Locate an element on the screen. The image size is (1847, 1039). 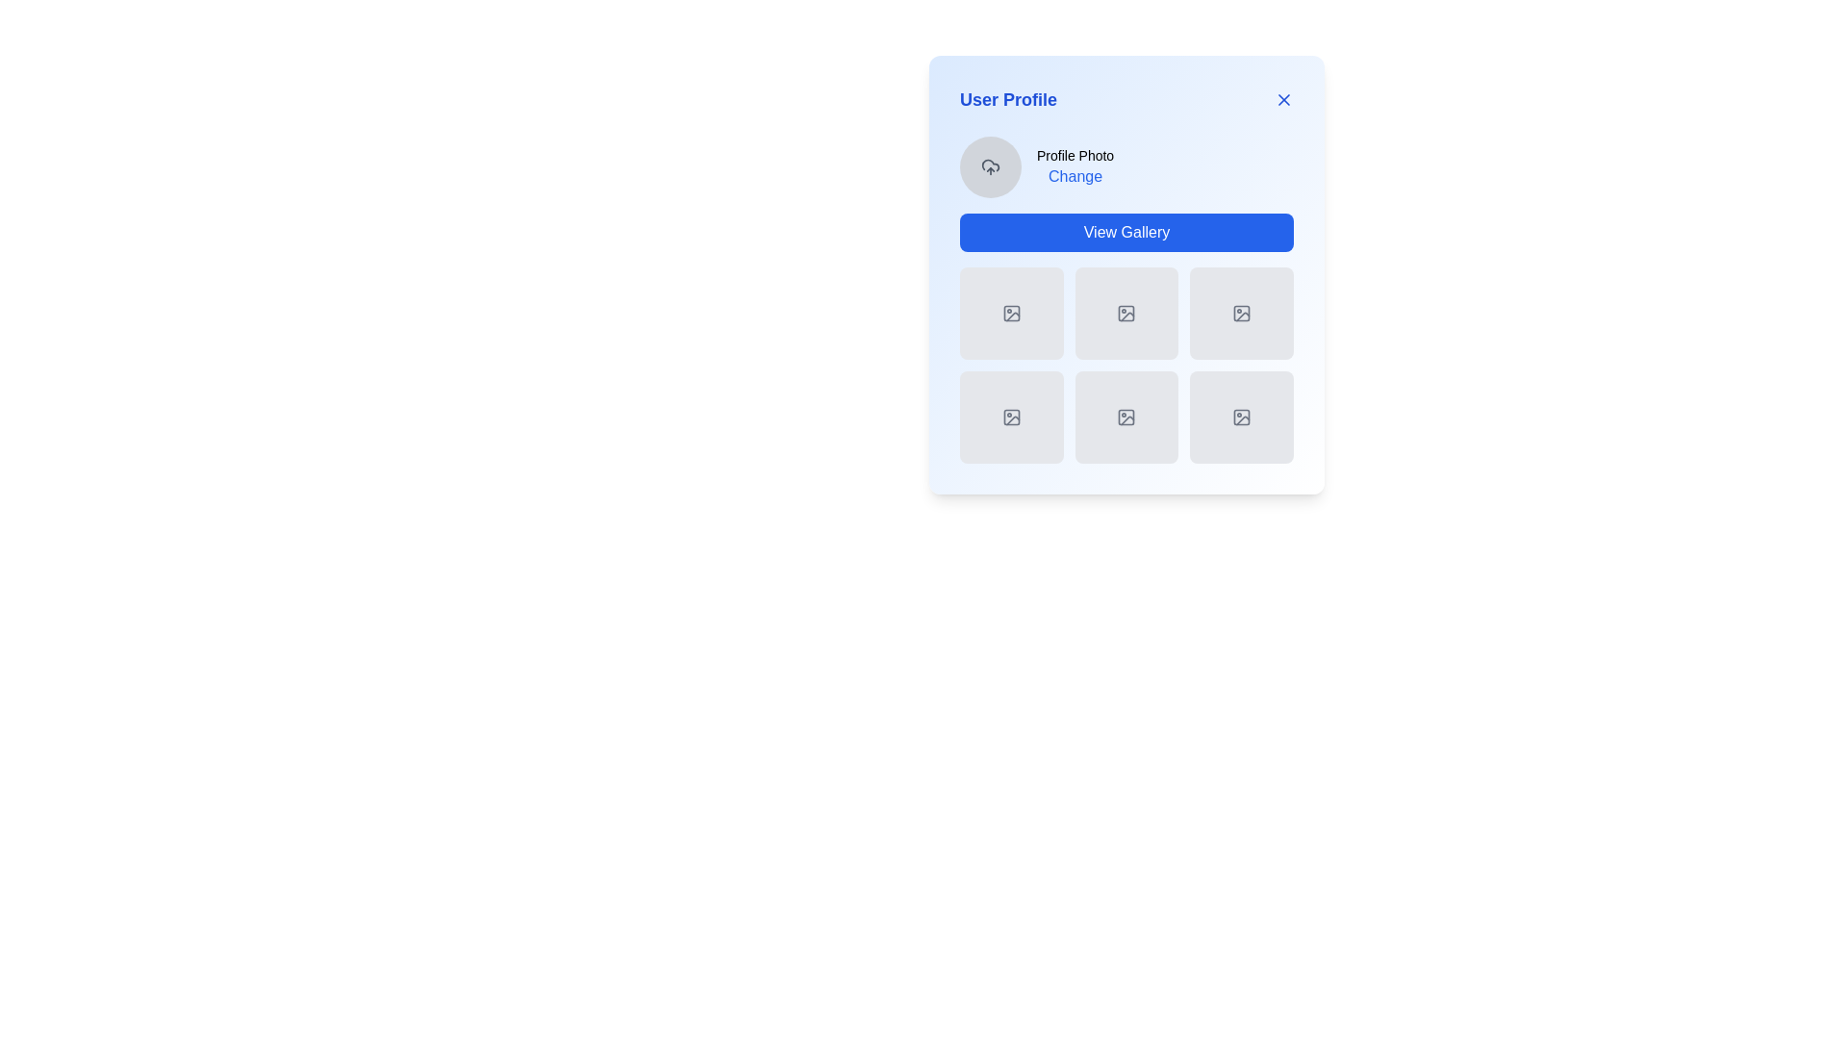
the placeholder for graphical content located is located at coordinates (1010, 313).